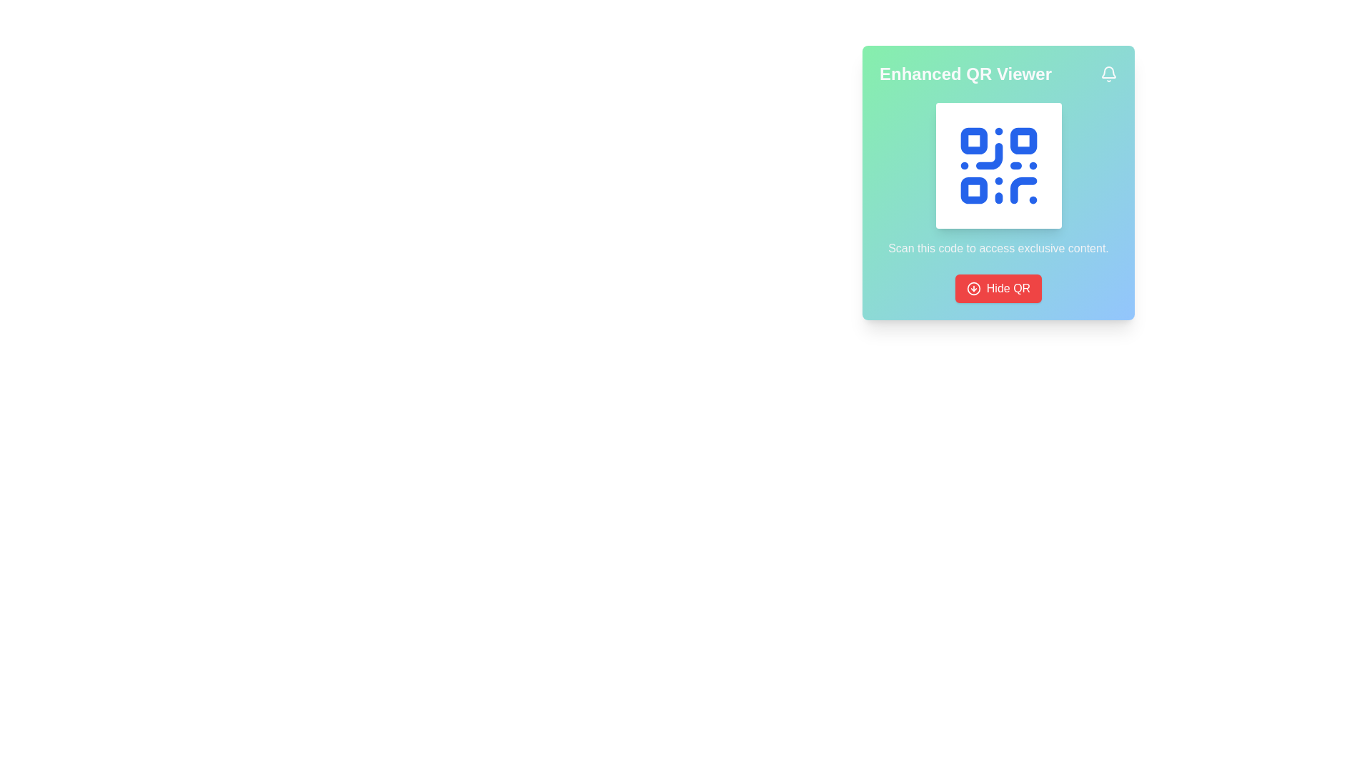  I want to click on 'Enhanced QR Viewer' text label, which is positioned at the top of the card and features a bold, large font with a notification bell icon next to it, so click(998, 74).